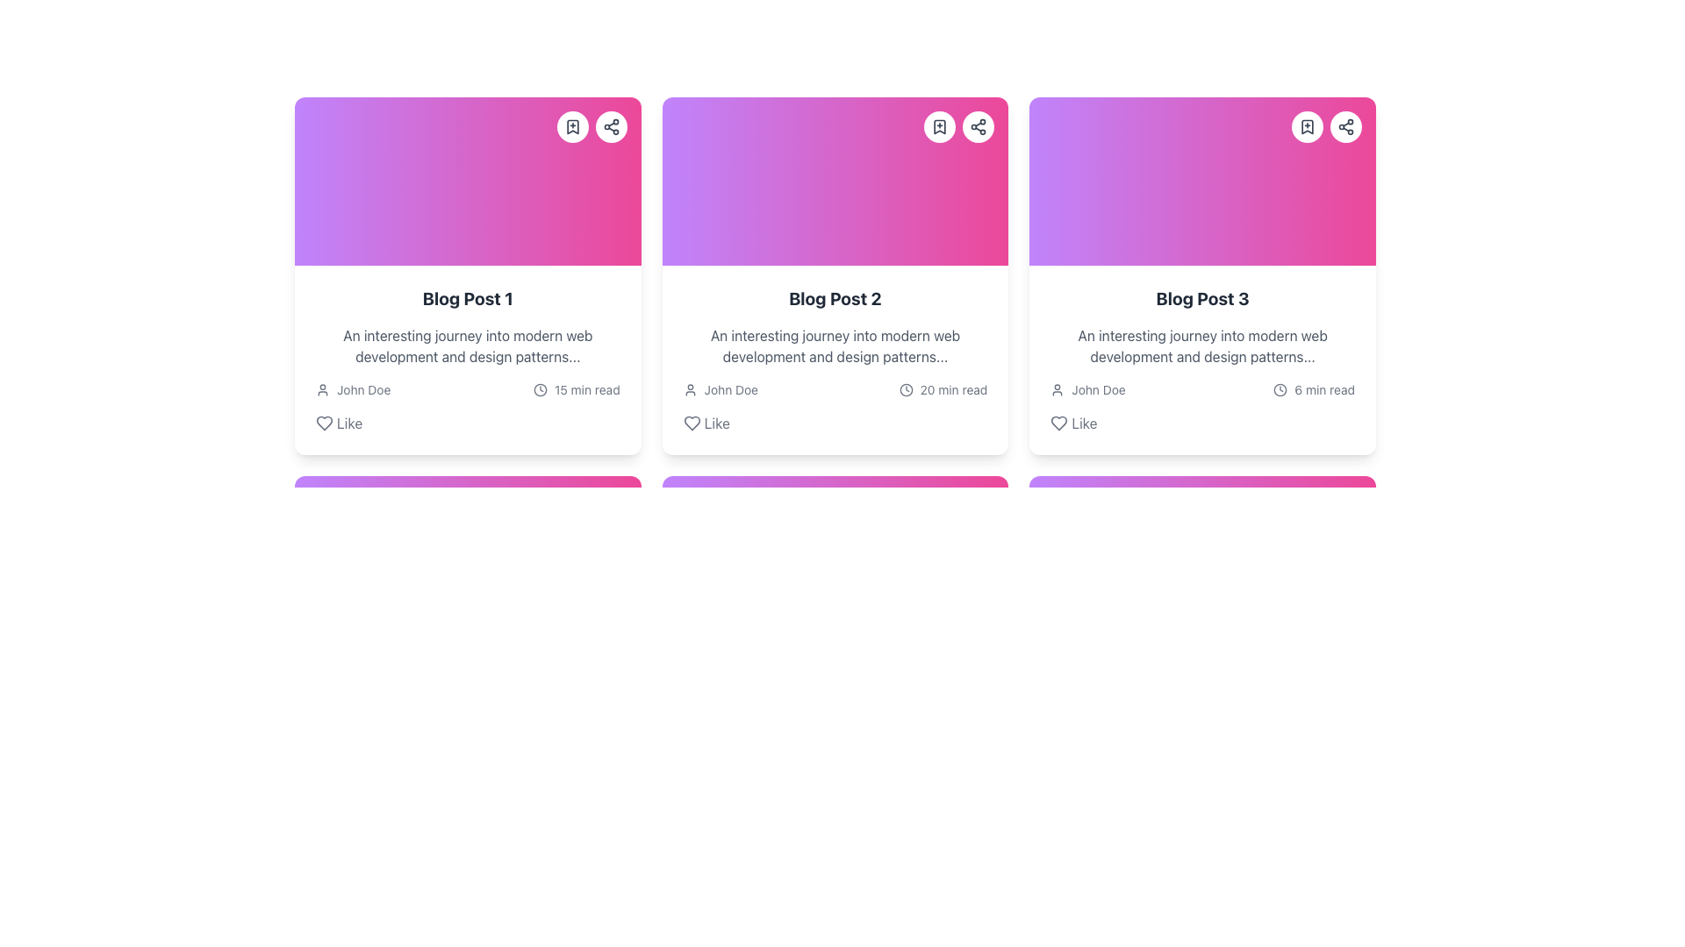 The width and height of the screenshot is (1685, 947). Describe the element at coordinates (1307, 126) in the screenshot. I see `the bookmark button located in the top-right corner of the 'Blog Post 3' card, which is the first button from the left and adjacent to a share button` at that location.